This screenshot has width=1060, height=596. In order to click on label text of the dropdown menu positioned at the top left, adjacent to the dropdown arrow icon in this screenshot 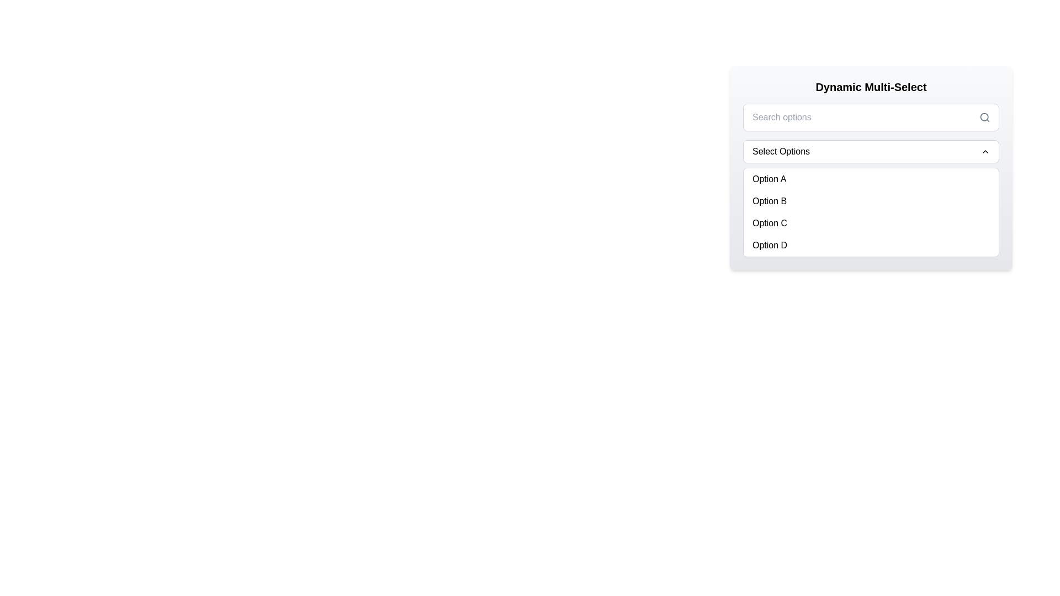, I will do `click(781, 151)`.